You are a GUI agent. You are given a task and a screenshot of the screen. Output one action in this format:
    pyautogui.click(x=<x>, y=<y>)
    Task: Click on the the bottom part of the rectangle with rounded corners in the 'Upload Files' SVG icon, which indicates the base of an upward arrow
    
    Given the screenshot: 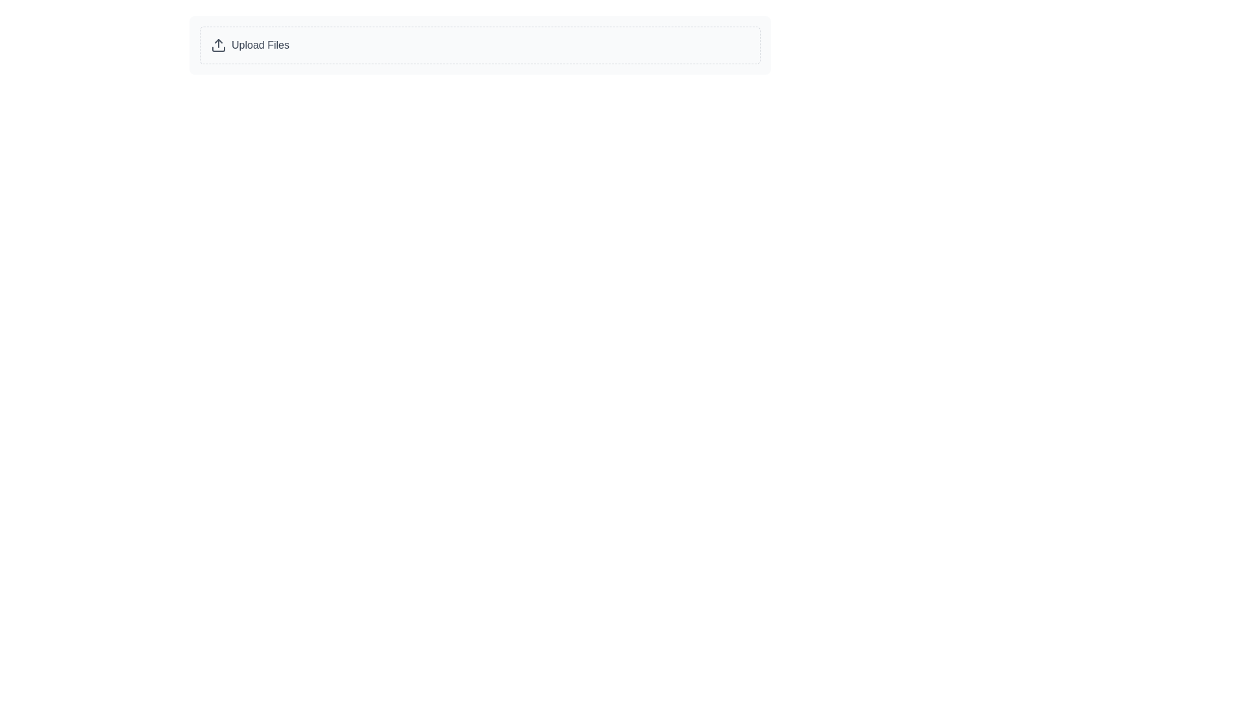 What is the action you would take?
    pyautogui.click(x=218, y=49)
    